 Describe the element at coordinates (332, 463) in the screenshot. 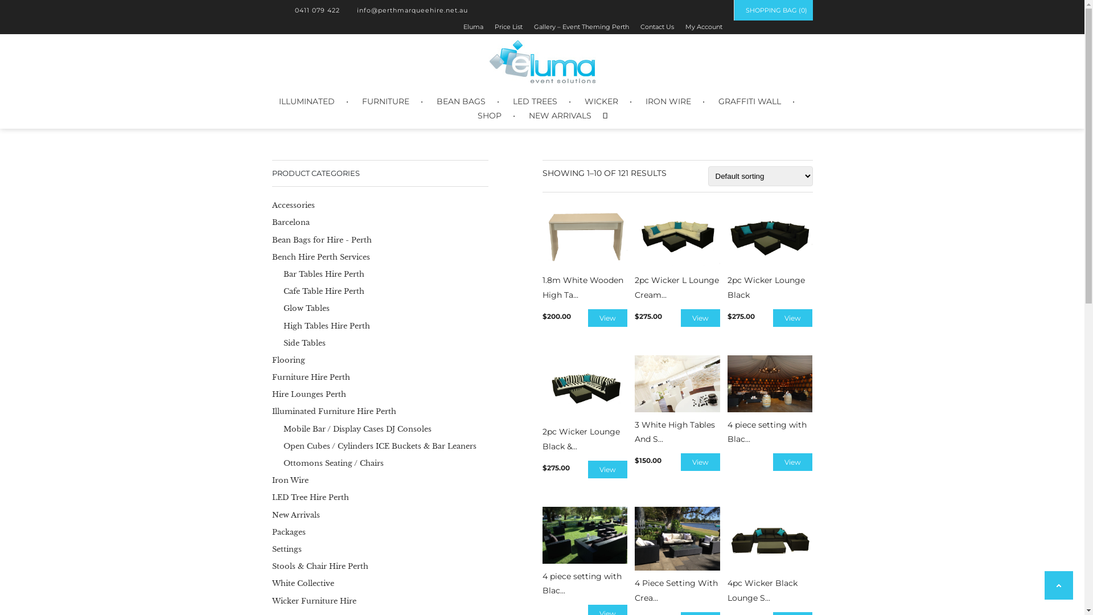

I see `'Ottomons Seating / Chairs'` at that location.